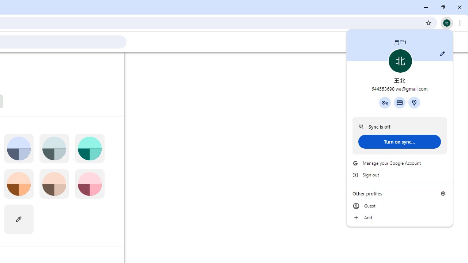  What do you see at coordinates (399, 217) in the screenshot?
I see `'Add'` at bounding box center [399, 217].